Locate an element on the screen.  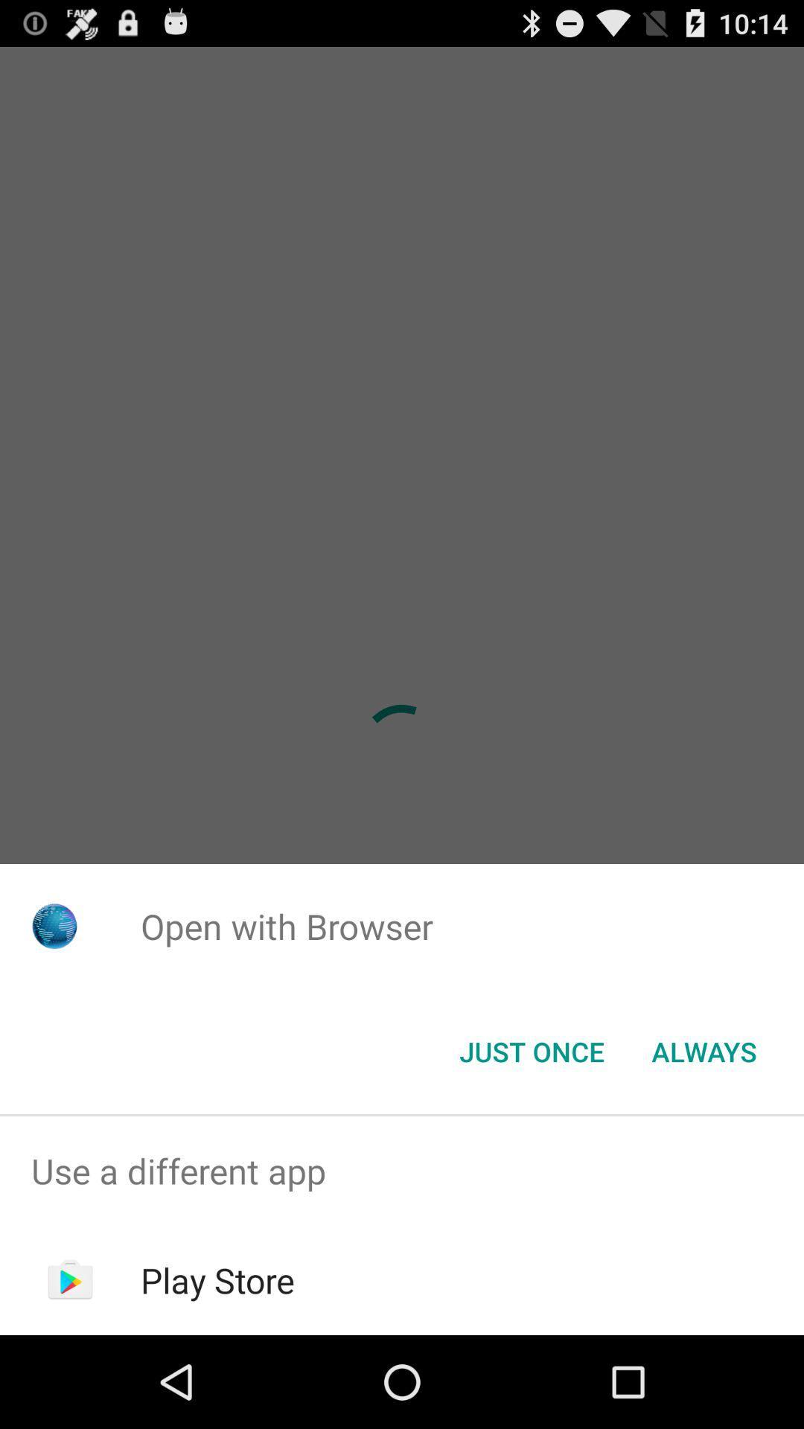
the item next to always is located at coordinates (531, 1050).